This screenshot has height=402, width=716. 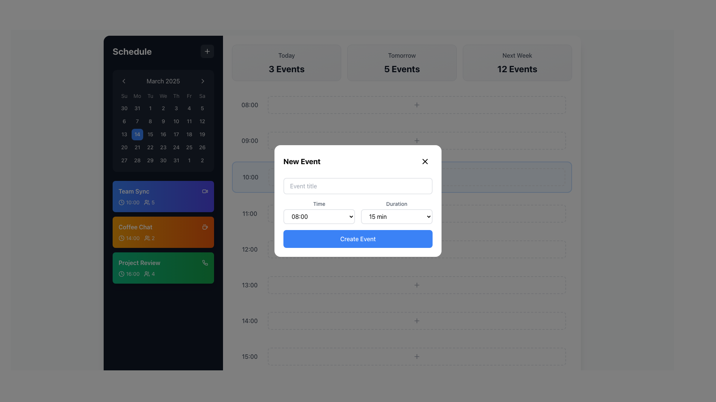 What do you see at coordinates (150, 121) in the screenshot?
I see `the button corresponding to the 8th day of the month in the calendar grid` at bounding box center [150, 121].